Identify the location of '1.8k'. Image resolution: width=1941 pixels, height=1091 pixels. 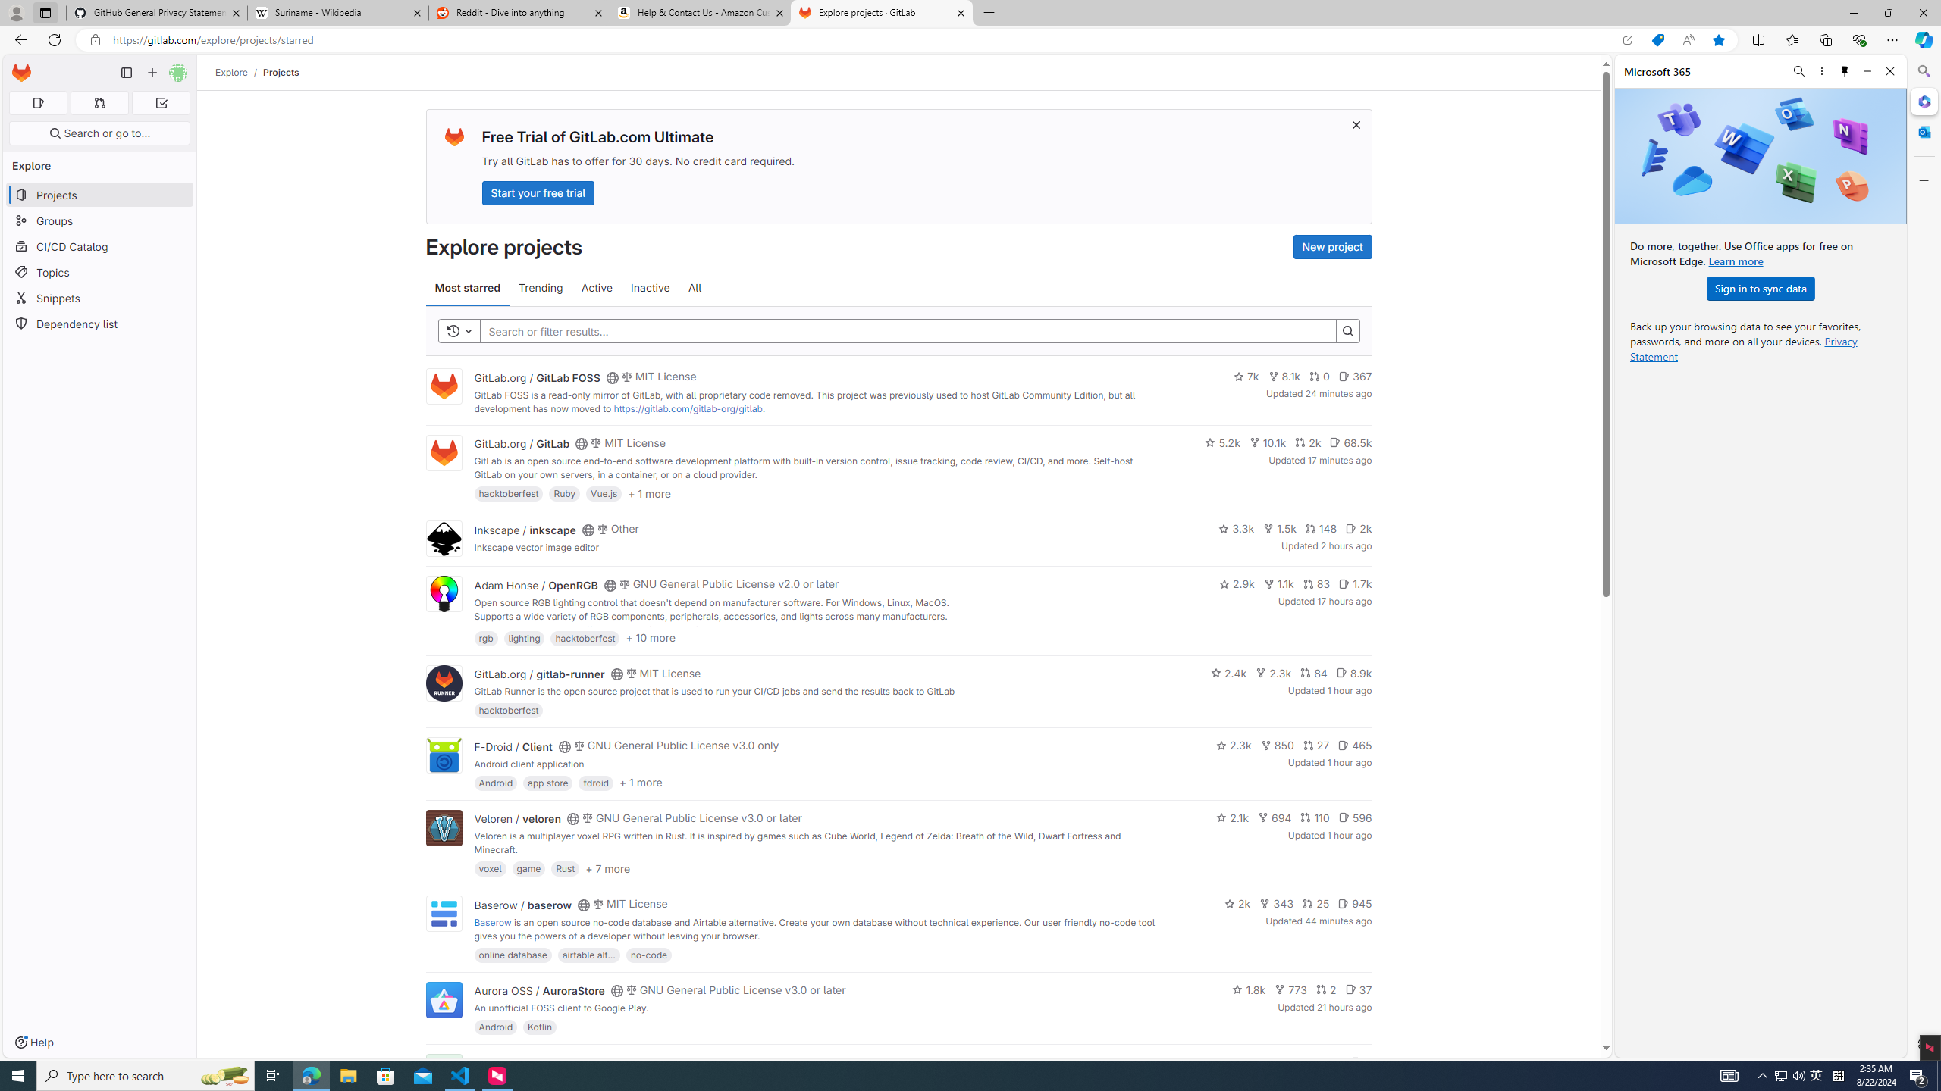
(1248, 989).